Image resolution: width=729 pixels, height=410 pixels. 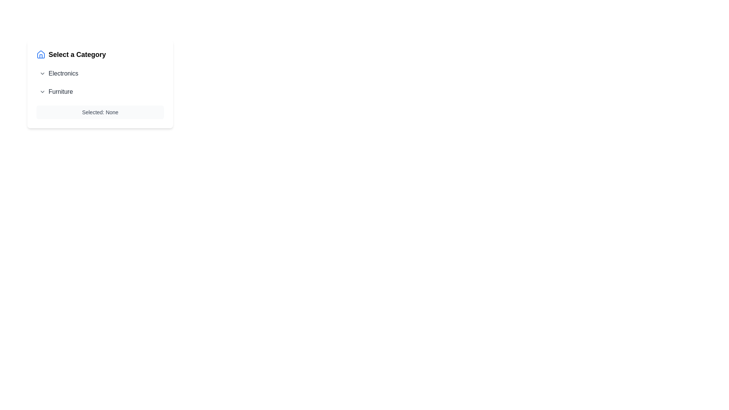 I want to click on the 'Furniture' category label within the expandable menu, located to the right of the downward-facing arrow icon, so click(x=60, y=91).